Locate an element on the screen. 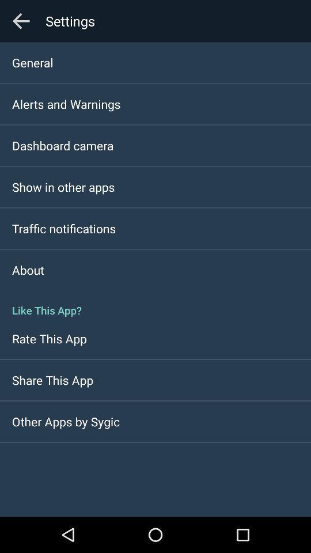 Image resolution: width=311 pixels, height=553 pixels. the alerts and warnings is located at coordinates (66, 103).